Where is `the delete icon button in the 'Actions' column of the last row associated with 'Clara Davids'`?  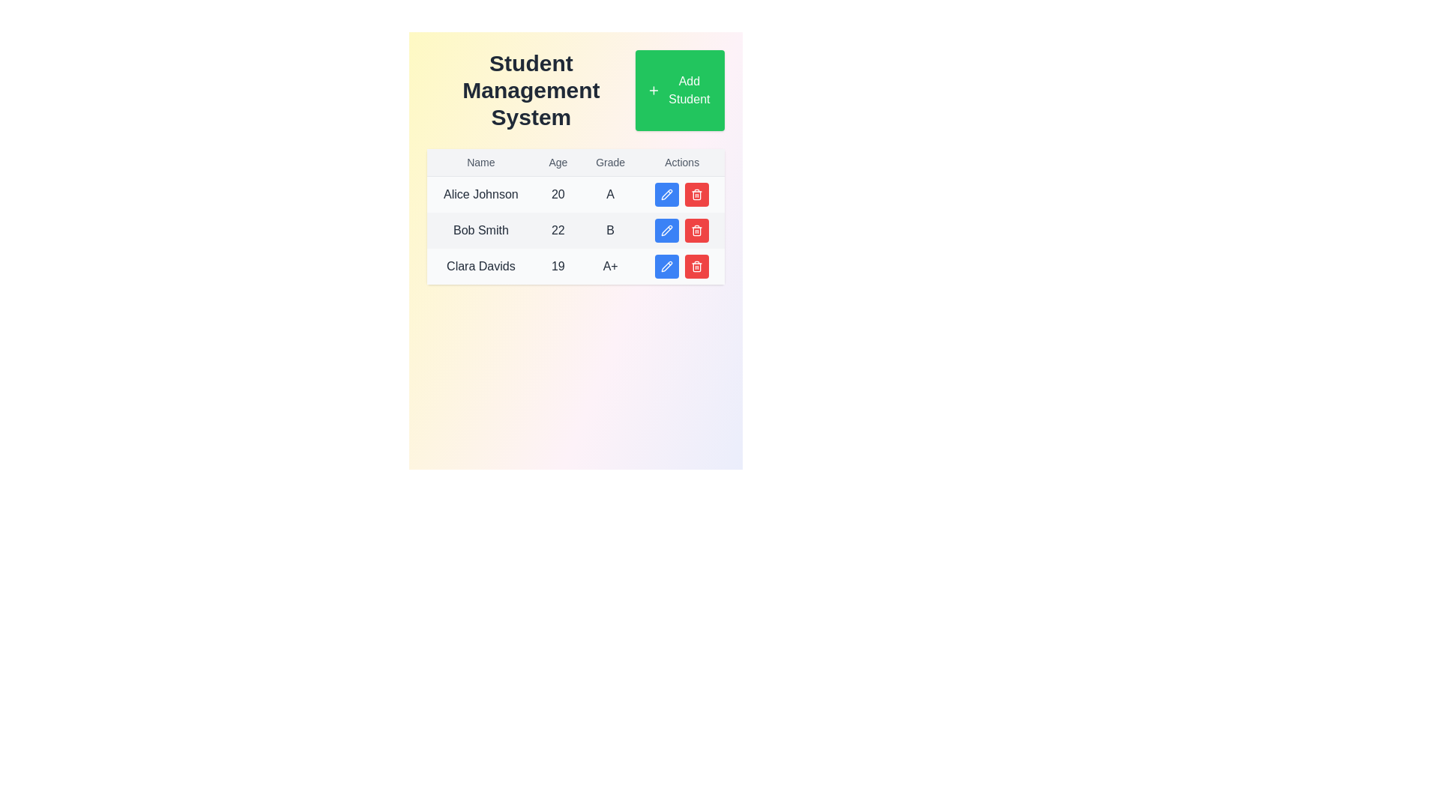 the delete icon button in the 'Actions' column of the last row associated with 'Clara Davids' is located at coordinates (696, 193).